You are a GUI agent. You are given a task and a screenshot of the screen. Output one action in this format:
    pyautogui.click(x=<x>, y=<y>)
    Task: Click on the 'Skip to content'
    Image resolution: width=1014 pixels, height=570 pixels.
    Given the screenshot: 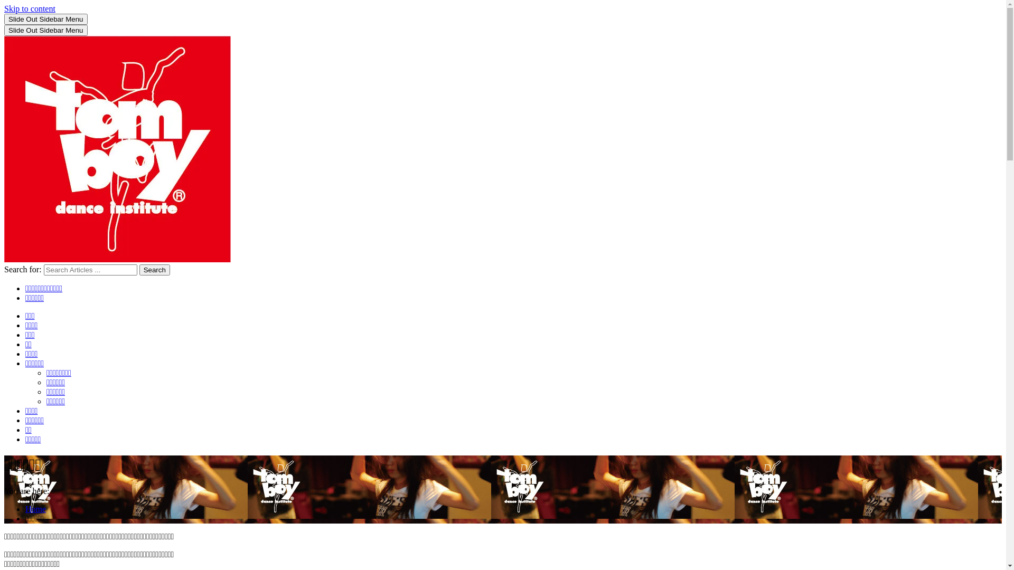 What is the action you would take?
    pyautogui.click(x=4, y=8)
    